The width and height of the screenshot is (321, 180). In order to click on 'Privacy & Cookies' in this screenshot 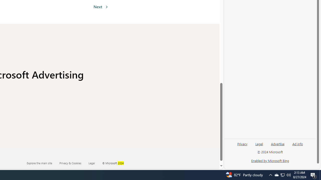, I will do `click(70, 163)`.